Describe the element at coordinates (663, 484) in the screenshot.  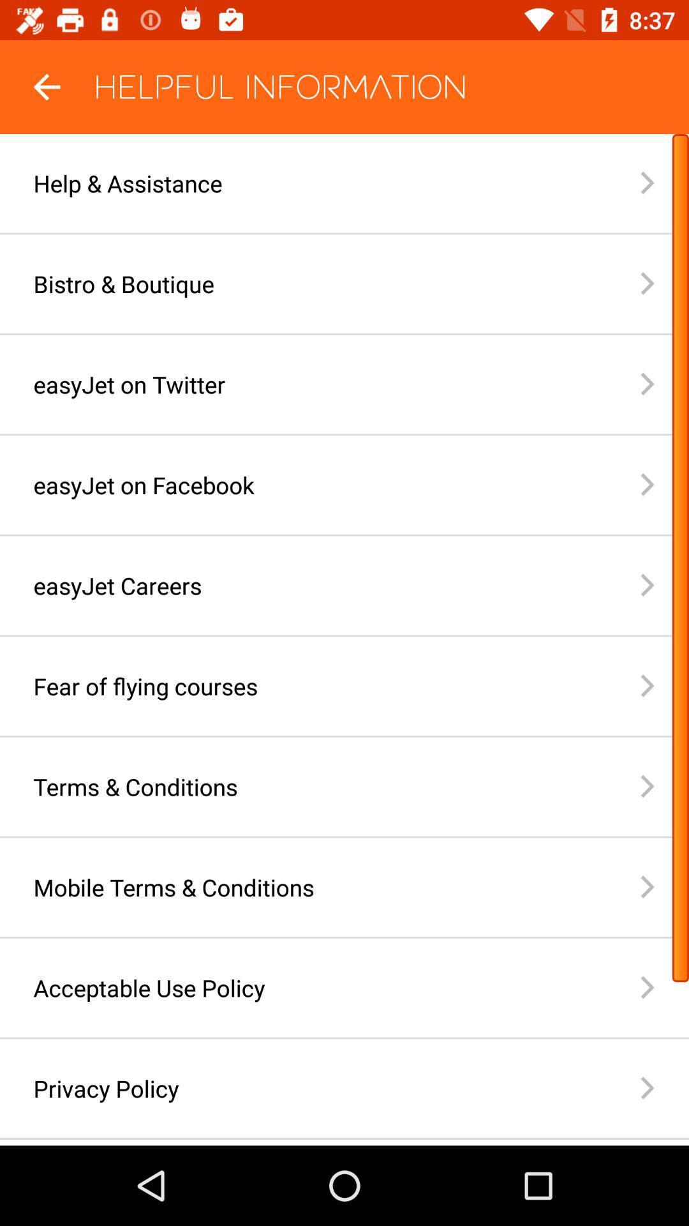
I see `the front arrow which is on the right side of easy jet on facebook` at that location.